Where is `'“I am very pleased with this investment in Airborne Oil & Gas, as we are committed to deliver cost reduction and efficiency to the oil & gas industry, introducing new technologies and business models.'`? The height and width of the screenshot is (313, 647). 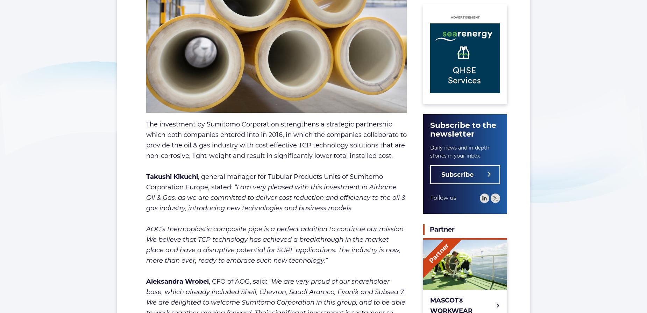 '“I am very pleased with this investment in Airborne Oil & Gas, as we are committed to deliver cost reduction and efficiency to the oil & gas industry, introducing new technologies and business models.' is located at coordinates (275, 197).